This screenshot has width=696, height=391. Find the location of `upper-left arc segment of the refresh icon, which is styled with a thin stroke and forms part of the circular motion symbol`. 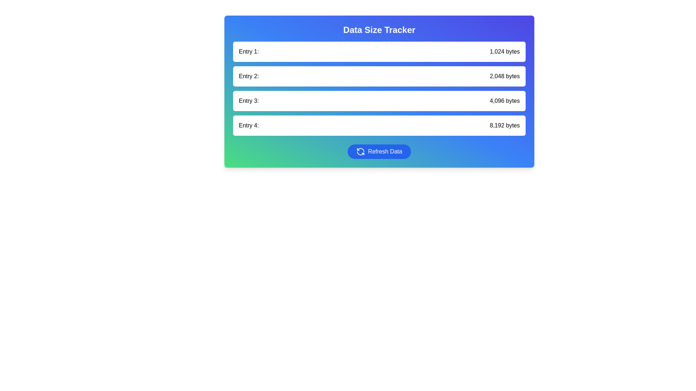

upper-left arc segment of the refresh icon, which is styled with a thin stroke and forms part of the circular motion symbol is located at coordinates (361, 150).